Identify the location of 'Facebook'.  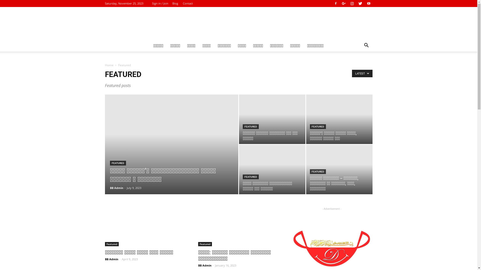
(332, 3).